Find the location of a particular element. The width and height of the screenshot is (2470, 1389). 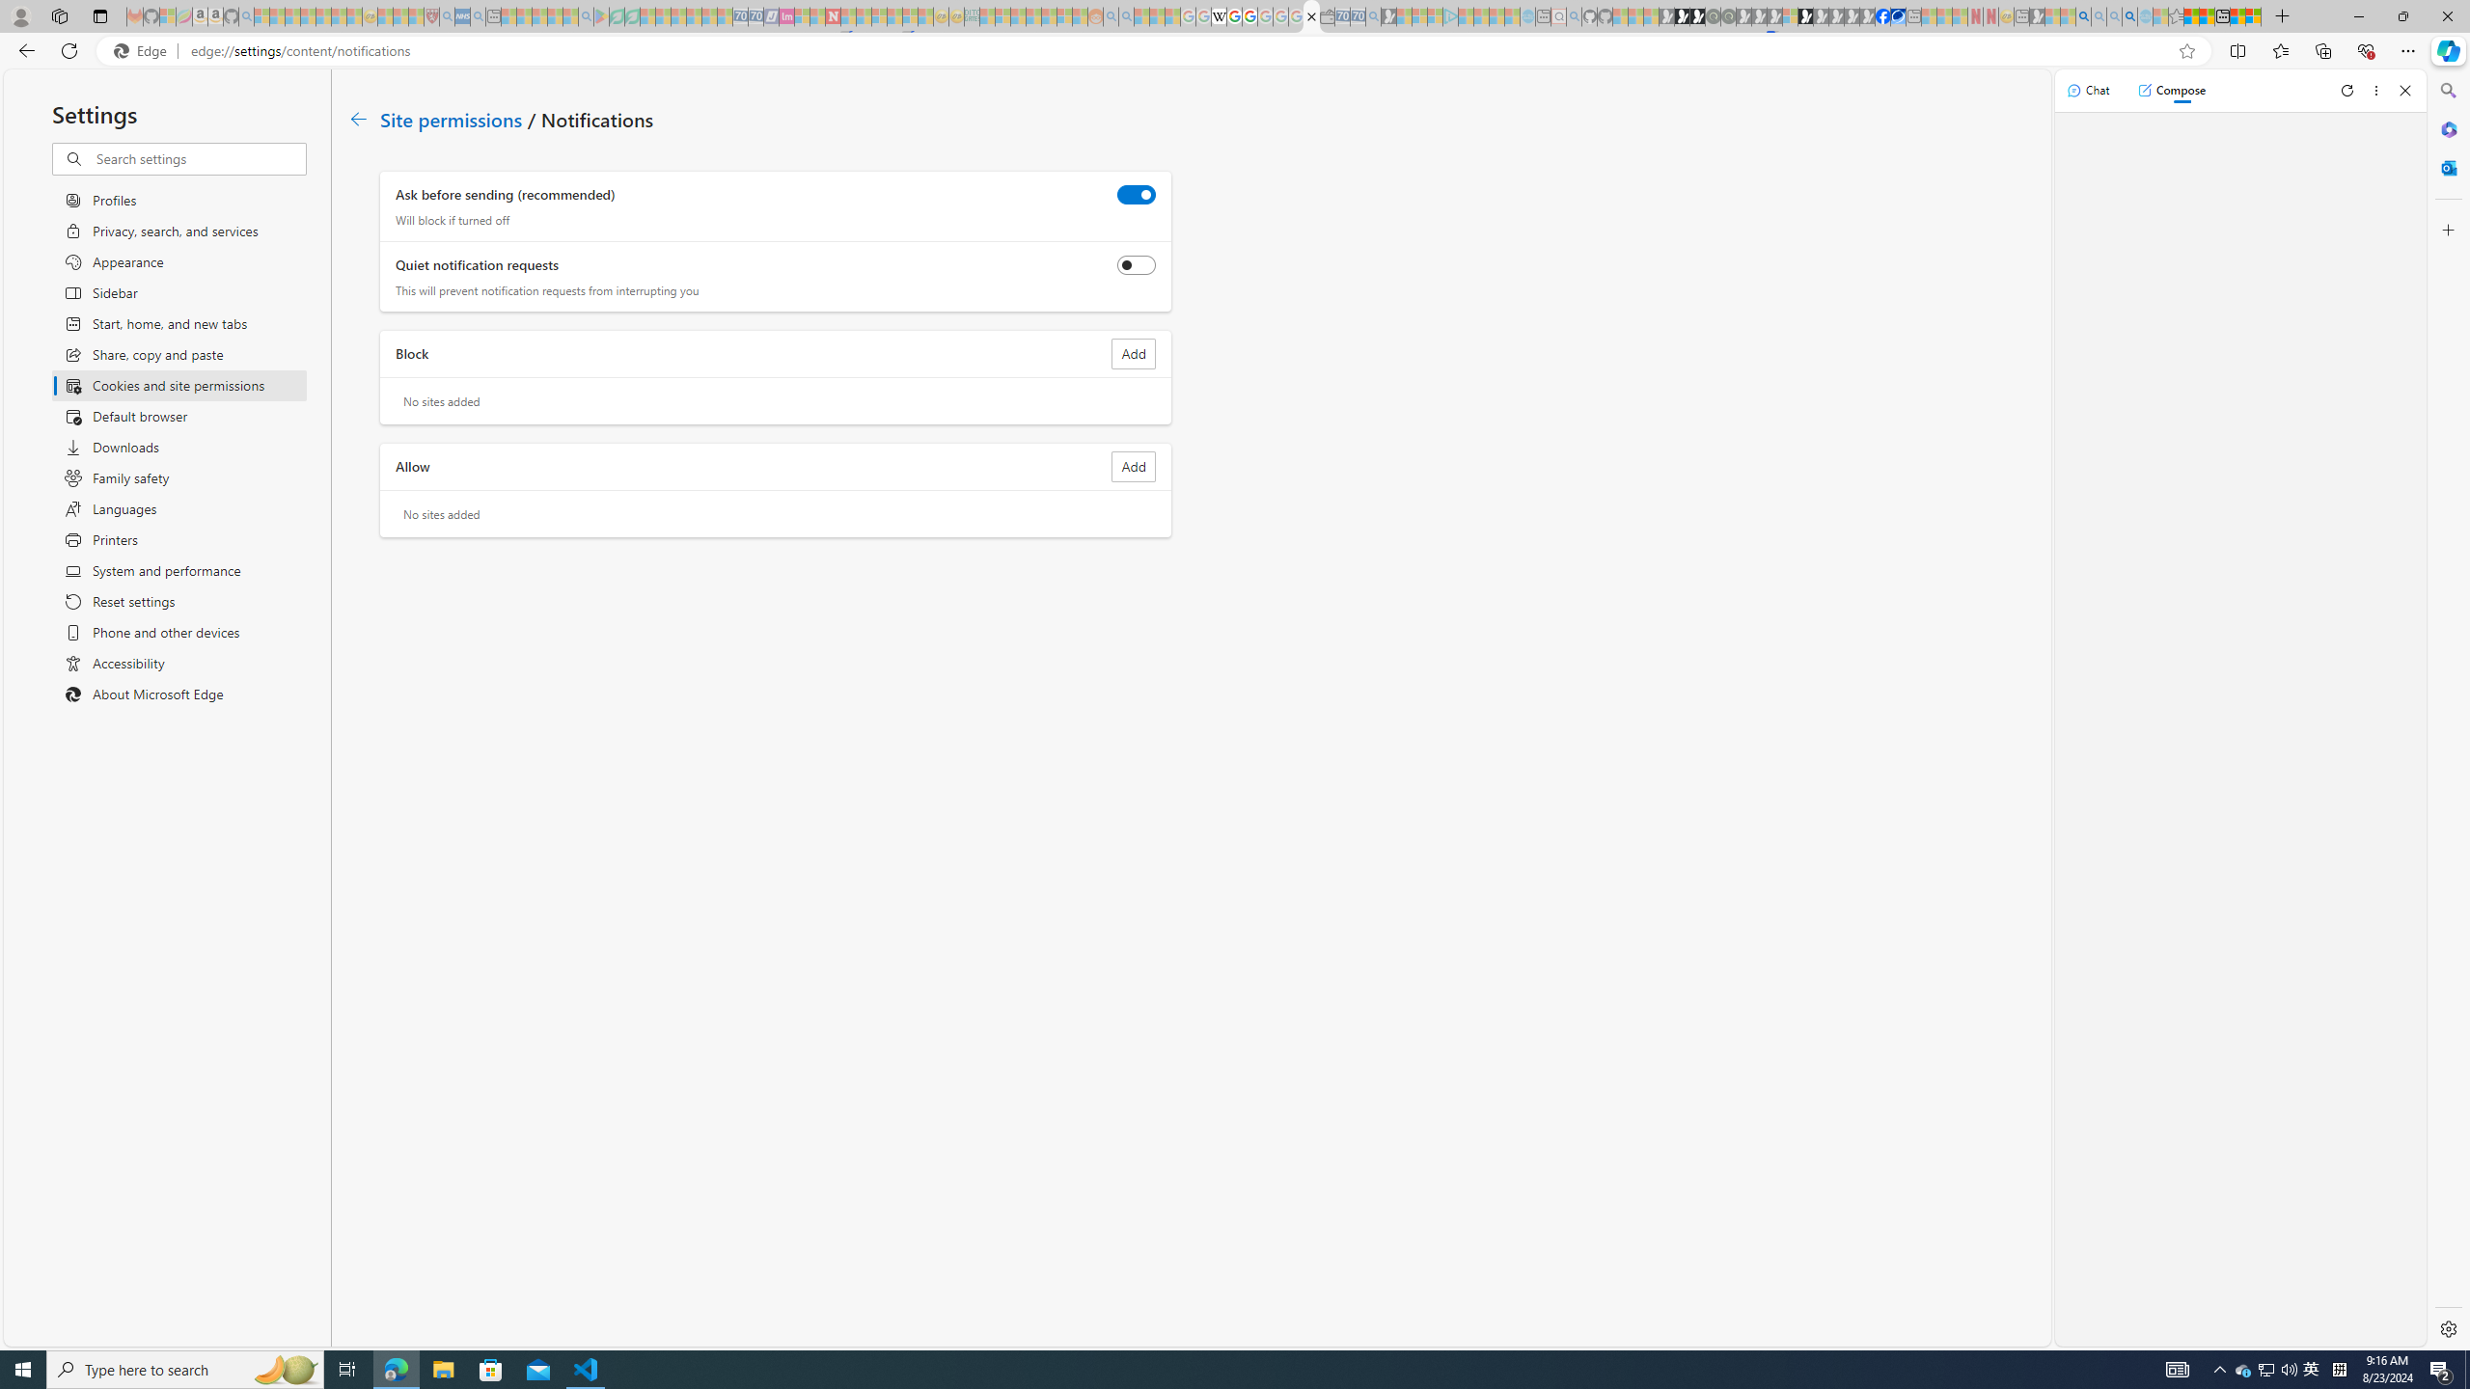

'Google Chrome Internet Browser Download - Search Images' is located at coordinates (2130, 15).